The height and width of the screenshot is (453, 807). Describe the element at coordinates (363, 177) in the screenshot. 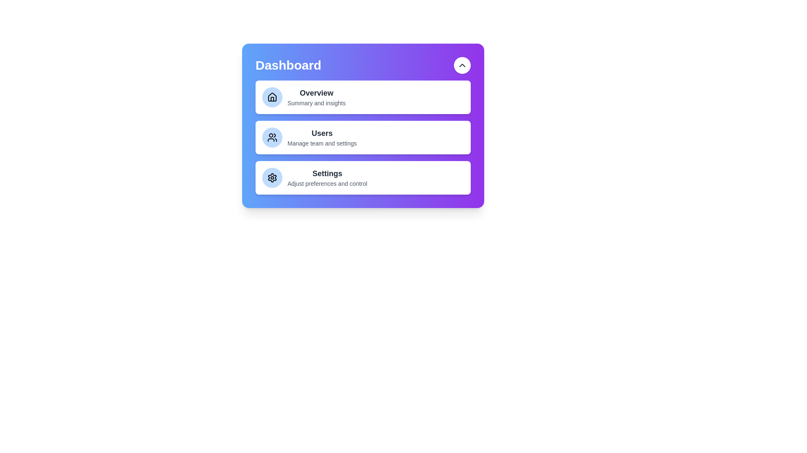

I see `the menu item Settings to select it` at that location.